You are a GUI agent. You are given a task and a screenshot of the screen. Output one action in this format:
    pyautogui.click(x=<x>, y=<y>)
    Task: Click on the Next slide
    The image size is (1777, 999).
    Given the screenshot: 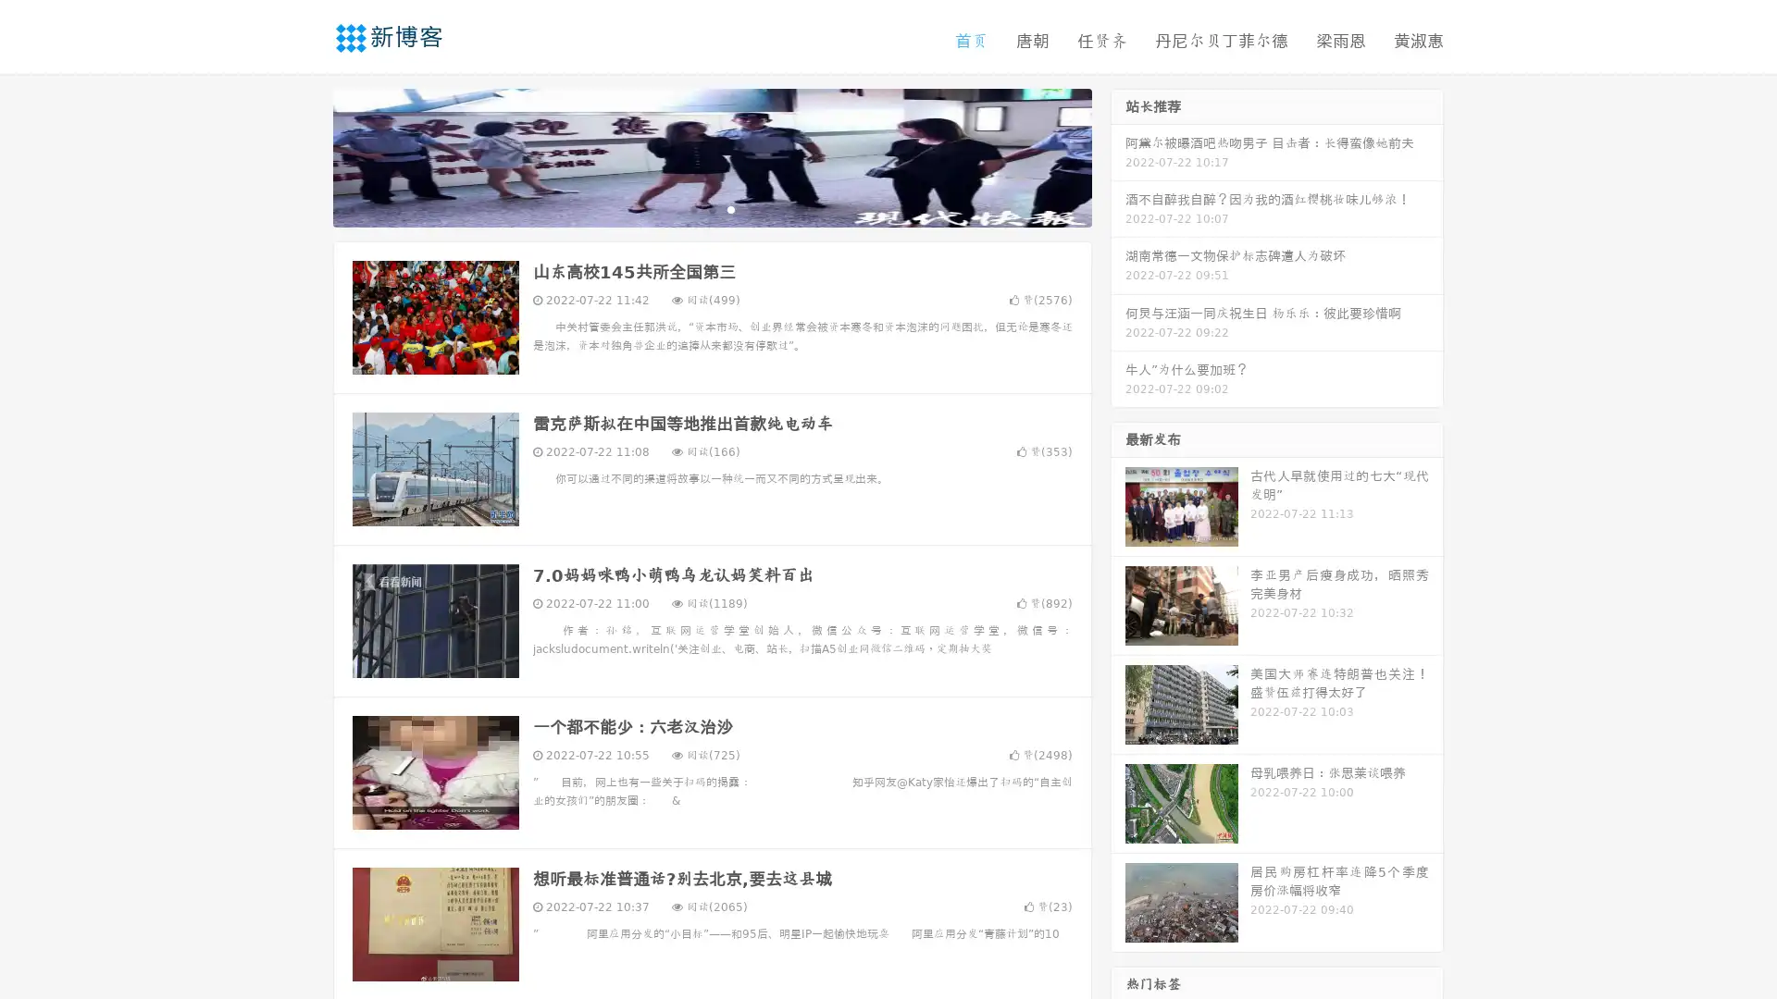 What is the action you would take?
    pyautogui.click(x=1118, y=155)
    